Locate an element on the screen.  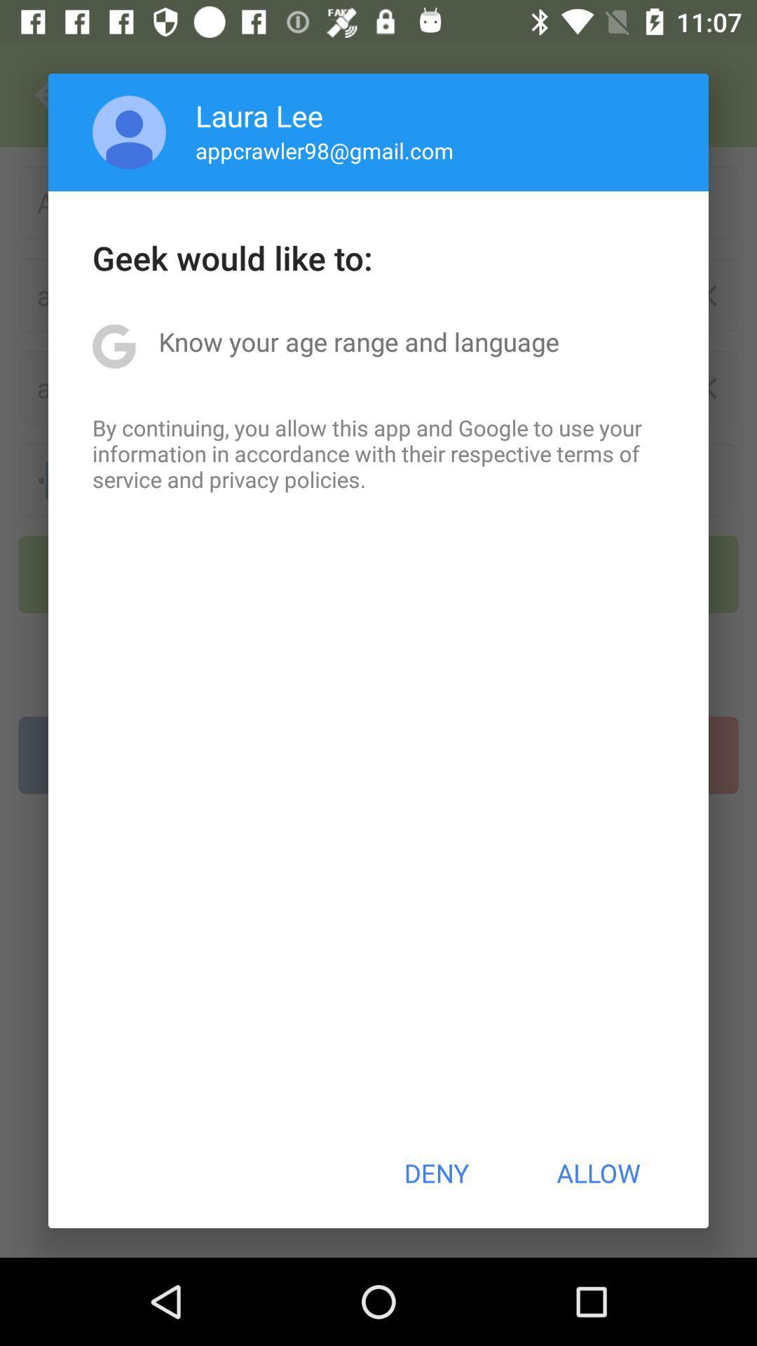
the item above the geek would like app is located at coordinates (325, 150).